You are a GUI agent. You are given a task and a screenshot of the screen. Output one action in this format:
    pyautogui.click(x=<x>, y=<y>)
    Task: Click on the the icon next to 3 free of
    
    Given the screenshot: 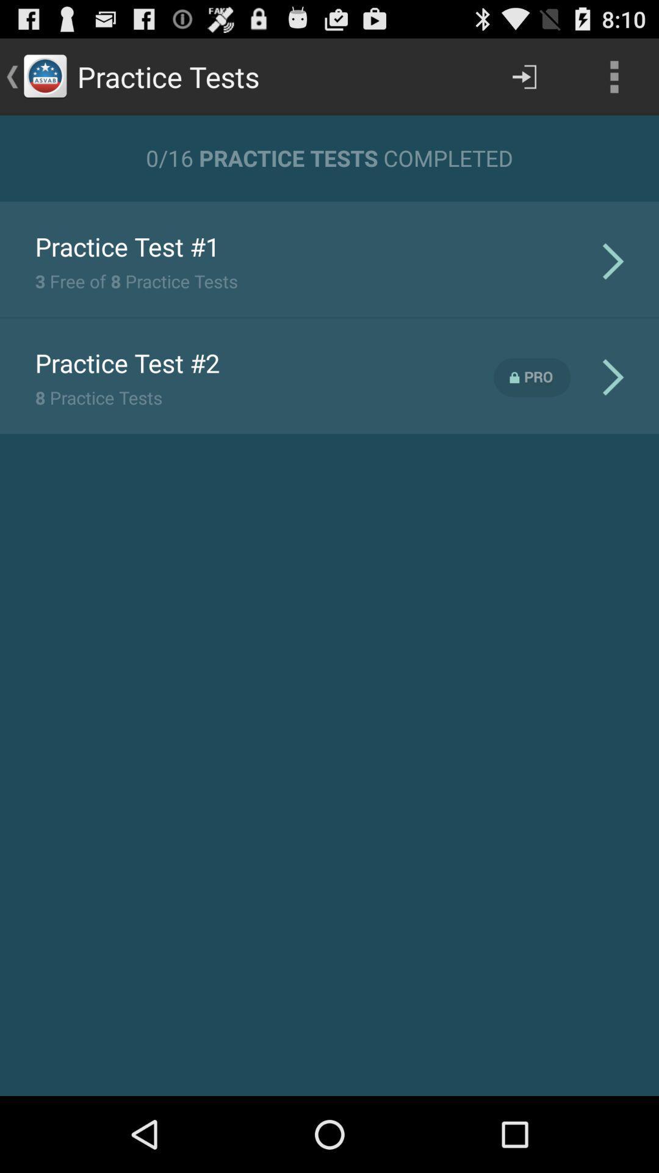 What is the action you would take?
    pyautogui.click(x=613, y=260)
    